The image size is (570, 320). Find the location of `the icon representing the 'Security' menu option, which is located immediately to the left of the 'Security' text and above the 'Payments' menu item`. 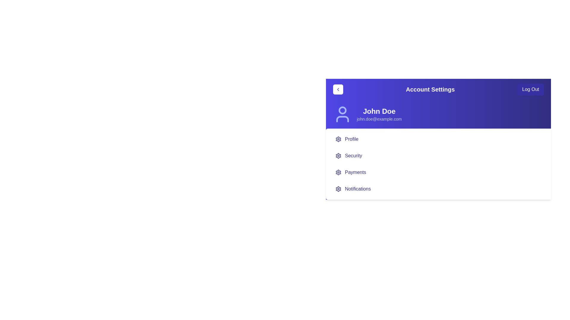

the icon representing the 'Security' menu option, which is located immediately to the left of the 'Security' text and above the 'Payments' menu item is located at coordinates (338, 155).